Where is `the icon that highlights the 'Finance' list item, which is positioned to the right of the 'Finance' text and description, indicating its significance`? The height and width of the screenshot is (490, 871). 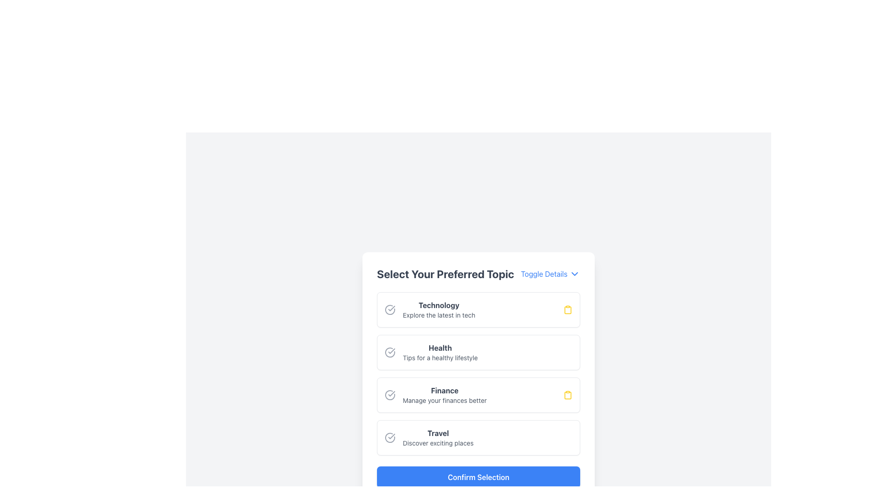
the icon that highlights the 'Finance' list item, which is positioned to the right of the 'Finance' text and description, indicating its significance is located at coordinates (568, 395).